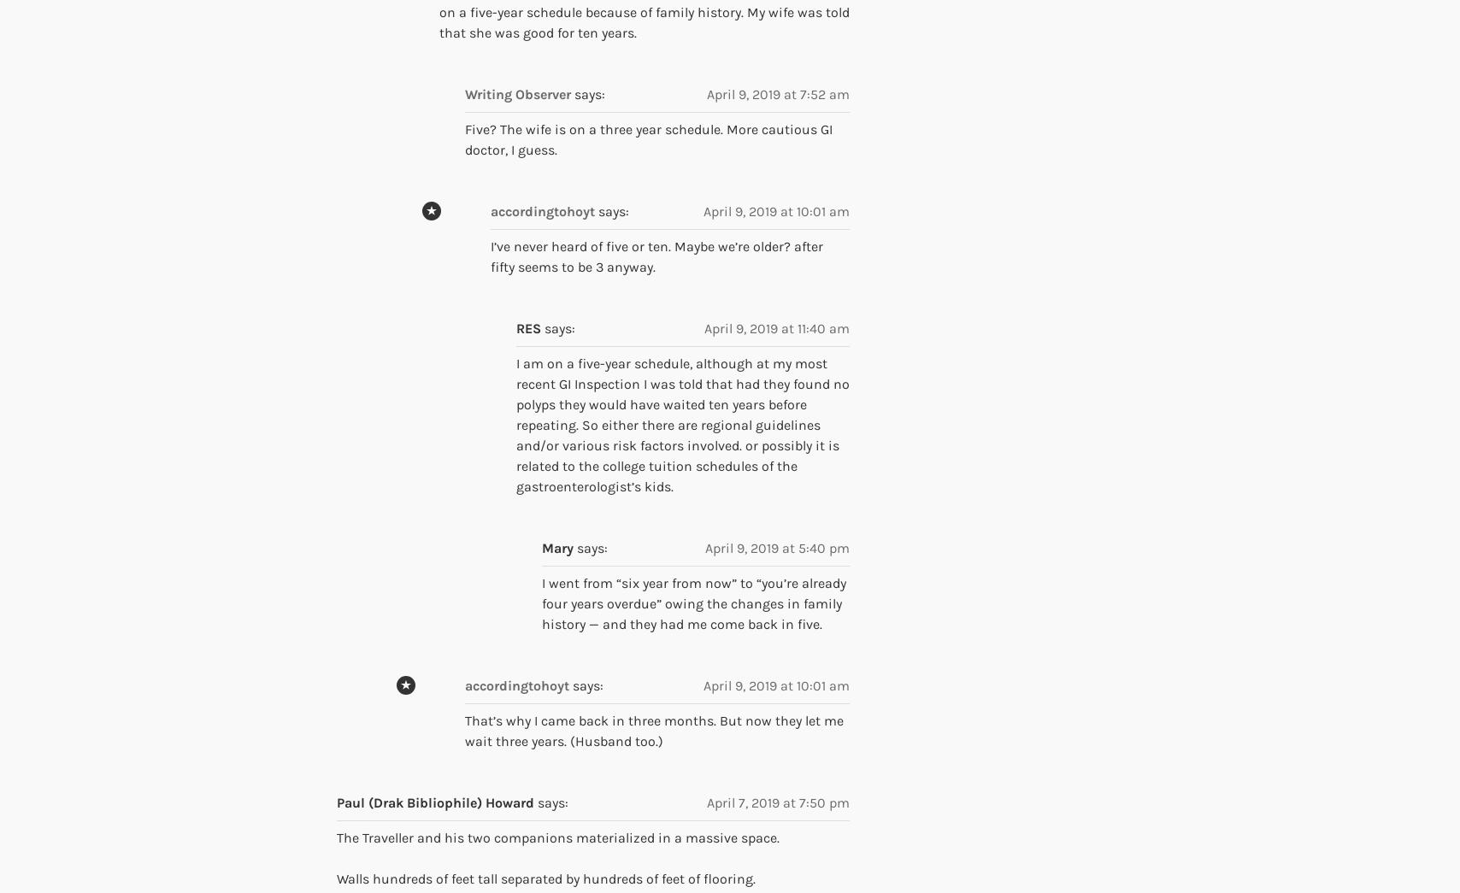 This screenshot has height=893, width=1460. Describe the element at coordinates (464, 730) in the screenshot. I see `'That’s why I came back in three months. But now they let me wait three years. (Husband too.)'` at that location.